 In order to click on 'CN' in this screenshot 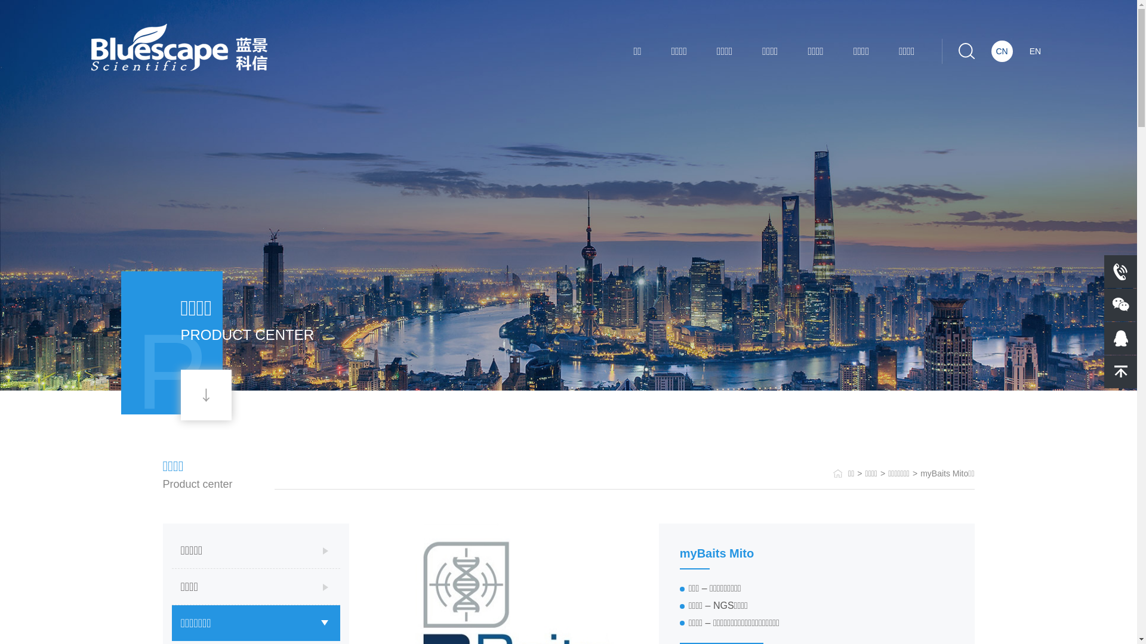, I will do `click(1002, 50)`.